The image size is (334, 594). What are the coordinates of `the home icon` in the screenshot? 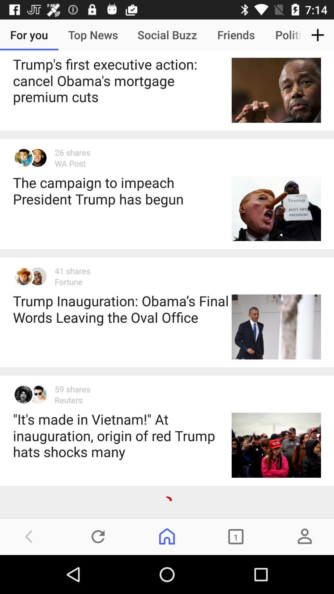 It's located at (167, 536).